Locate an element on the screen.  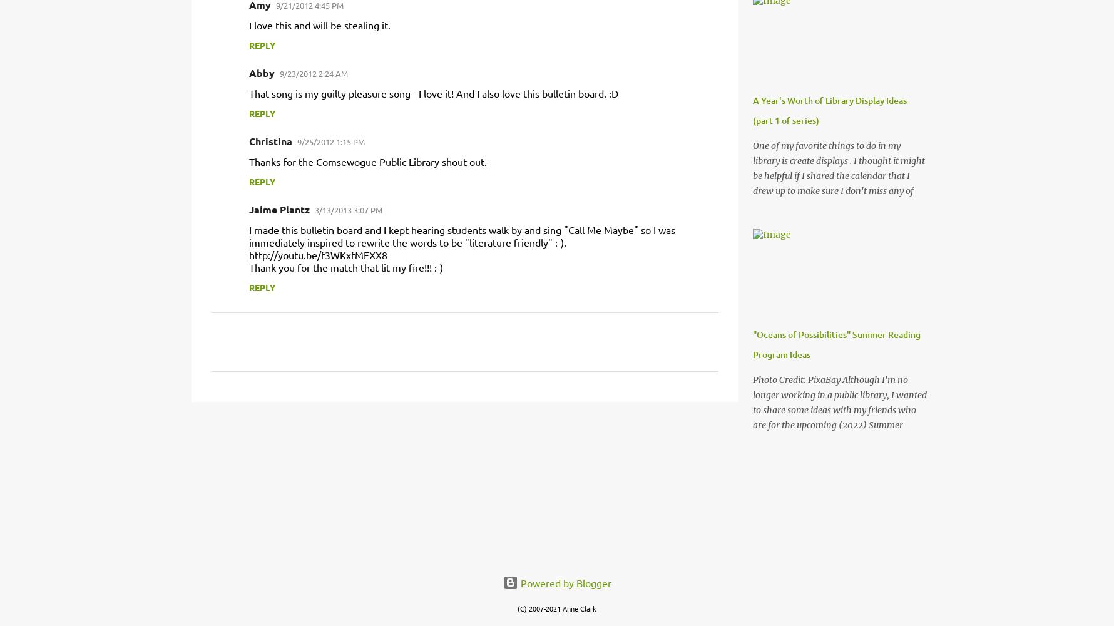
'Photo Credit: PixaBay Although I'm no longer working in a public library, I wanted to share some ideas with my friends who are for the upcoming (2022) Summer Reading Program theme "Oceans of Possibilities".  I hope these ideas help you out and that everyone has an amazing summer reading program!  3 of my favorite ocean-themed storytime activities:  Three Little Seahorses I Swam the Sea to See the Animals Going on a Pirate Ship And a beach storytime plan ! We don't have any oceans here in Michigan, so here are a few lake/pond favorites as well:  The Noisy Counting Book Down by the Lily Pad P.S. -- Summer is a great excuse to talk about the seasons with Kitty Gets Dressed .' is located at coordinates (752, 500).